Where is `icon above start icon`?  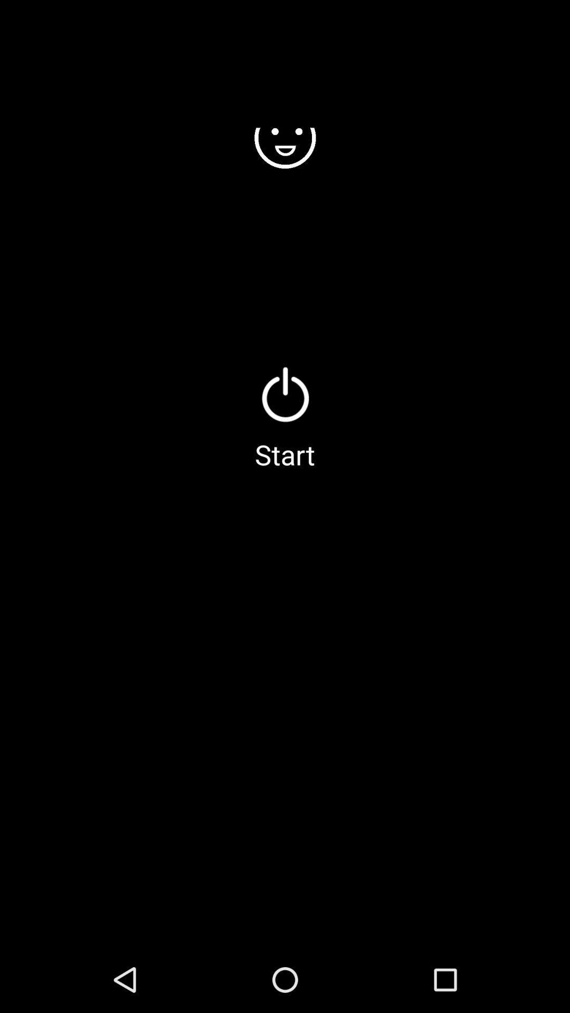 icon above start icon is located at coordinates (285, 394).